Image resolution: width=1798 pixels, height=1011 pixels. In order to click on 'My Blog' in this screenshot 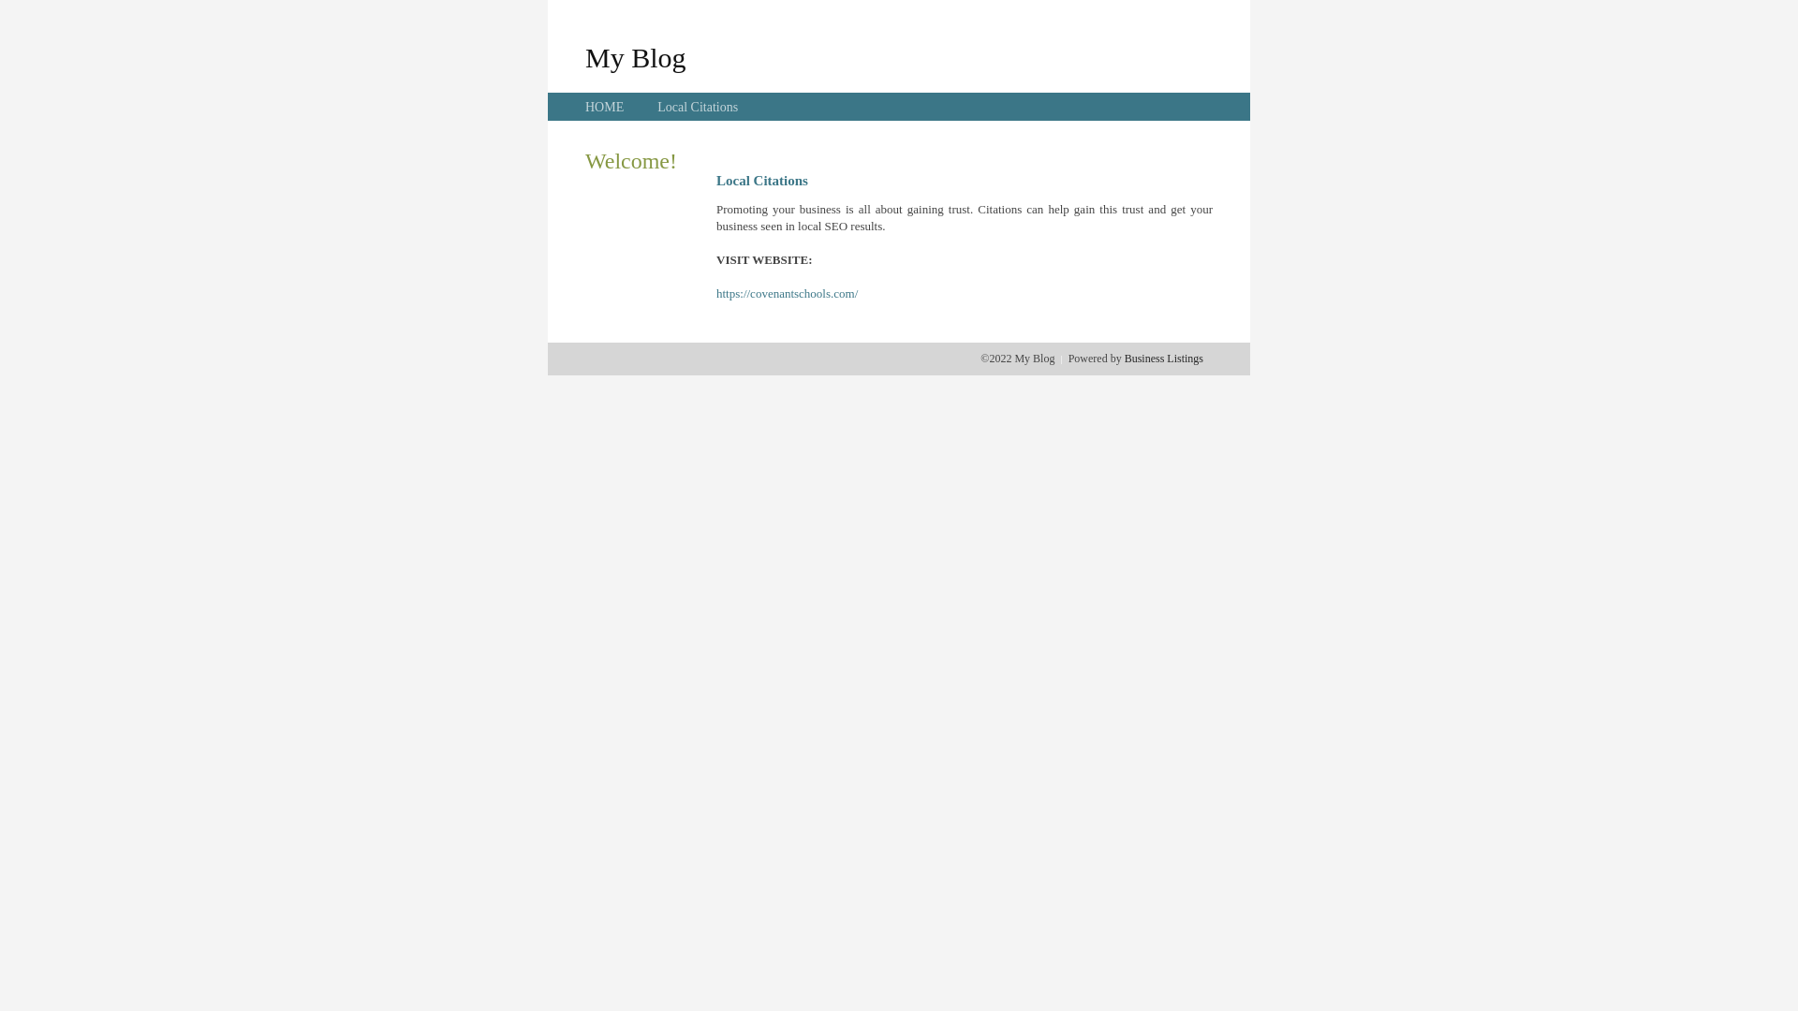, I will do `click(583, 56)`.